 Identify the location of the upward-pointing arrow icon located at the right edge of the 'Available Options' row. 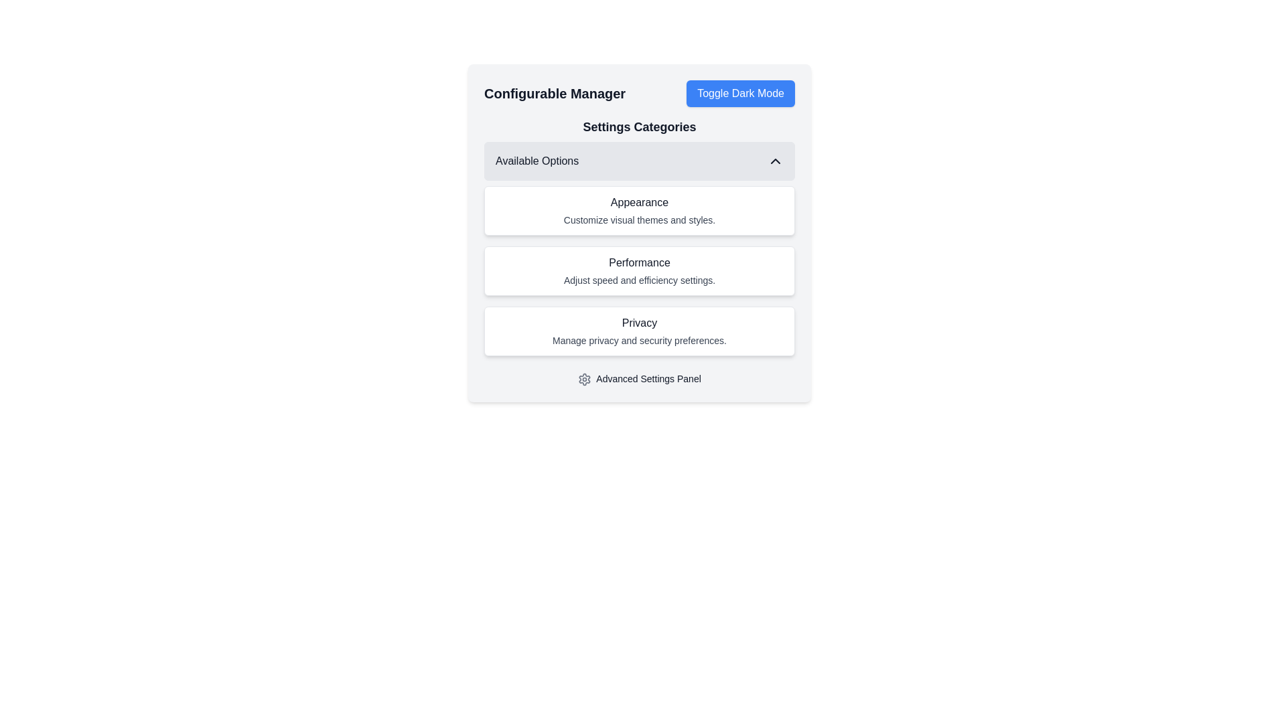
(775, 160).